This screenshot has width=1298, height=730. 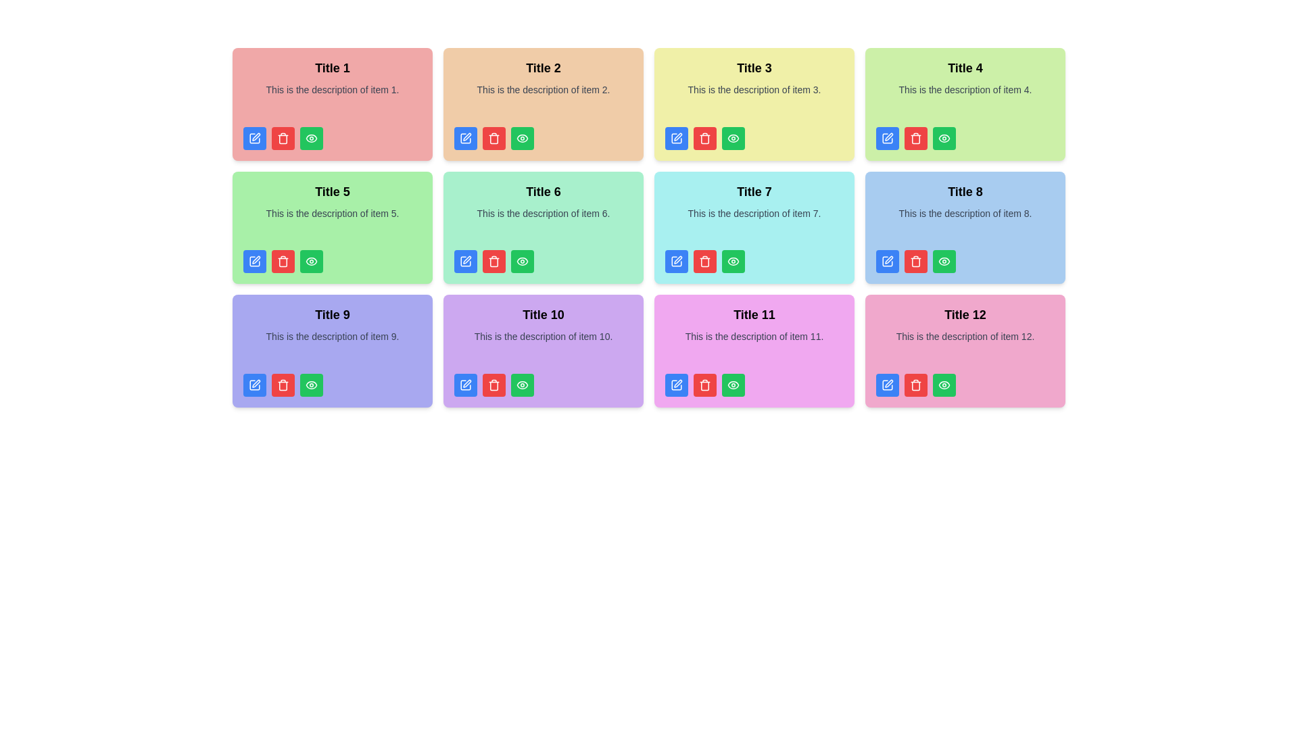 What do you see at coordinates (467, 137) in the screenshot?
I see `the leftmost icon button located at the bottom of the card labeled 'Title 2' to initiate the edit action` at bounding box center [467, 137].